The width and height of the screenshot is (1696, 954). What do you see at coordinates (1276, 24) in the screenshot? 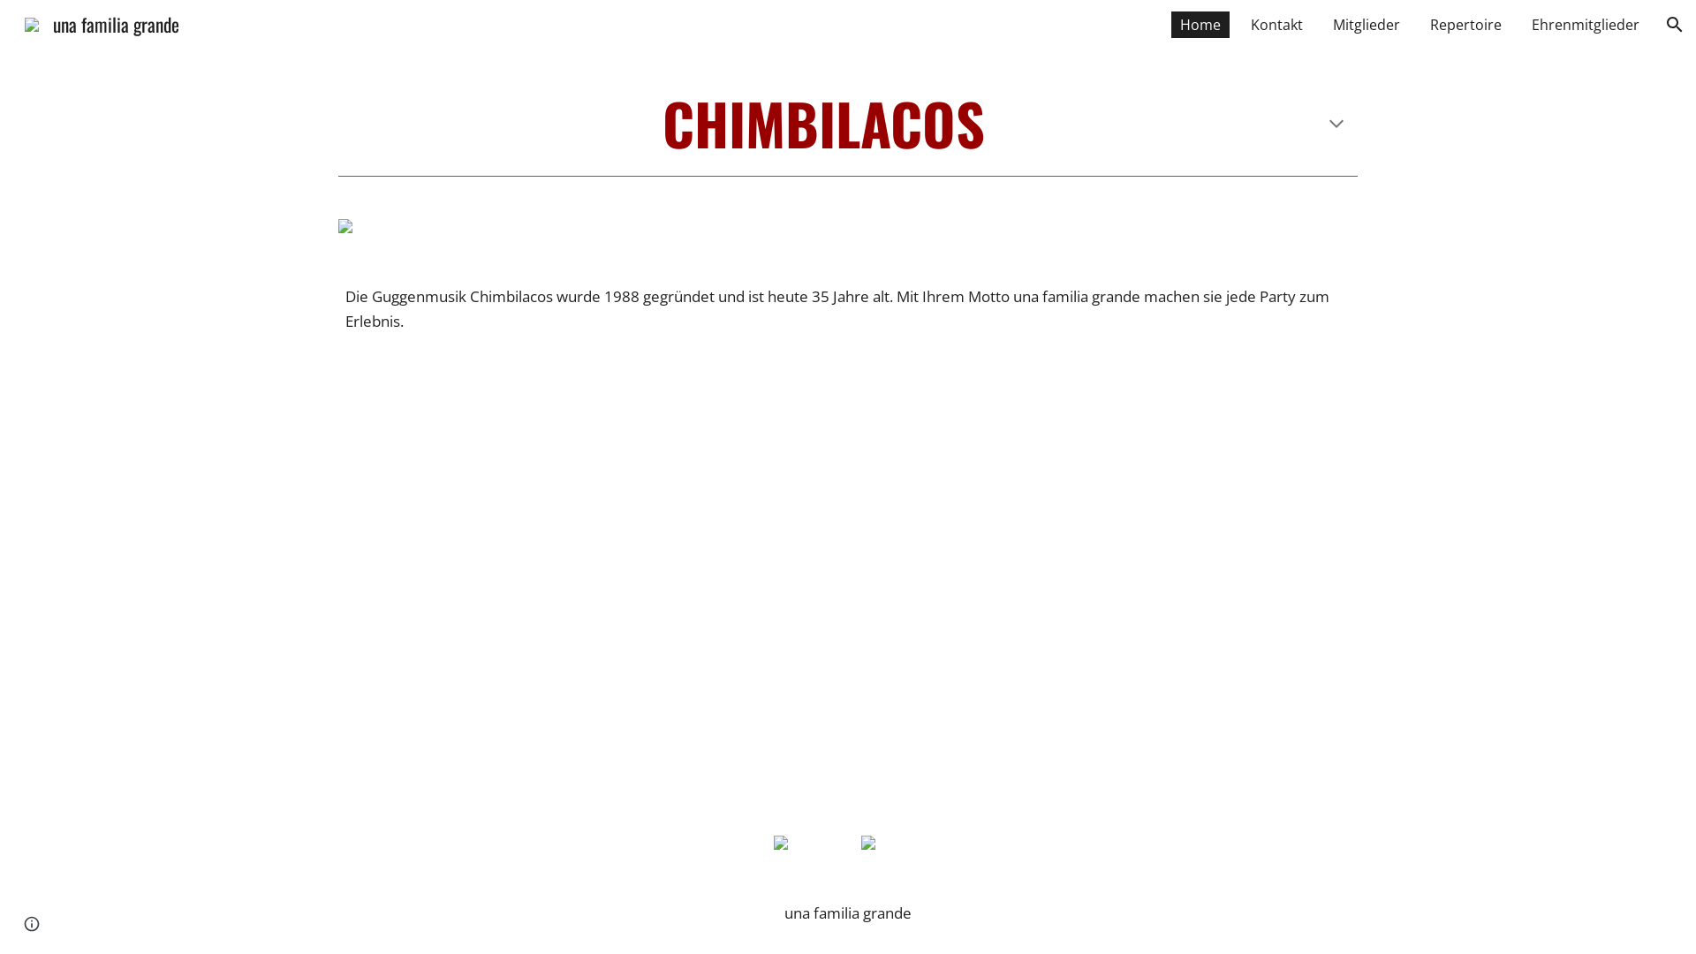
I see `'Kontakt'` at bounding box center [1276, 24].